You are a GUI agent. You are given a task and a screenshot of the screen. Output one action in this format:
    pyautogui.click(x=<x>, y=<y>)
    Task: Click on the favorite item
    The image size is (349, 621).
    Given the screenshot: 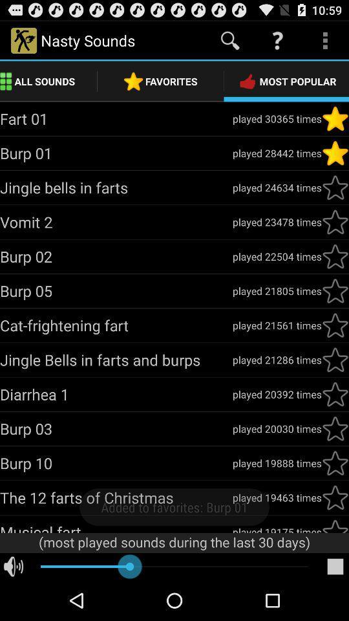 What is the action you would take?
    pyautogui.click(x=335, y=256)
    